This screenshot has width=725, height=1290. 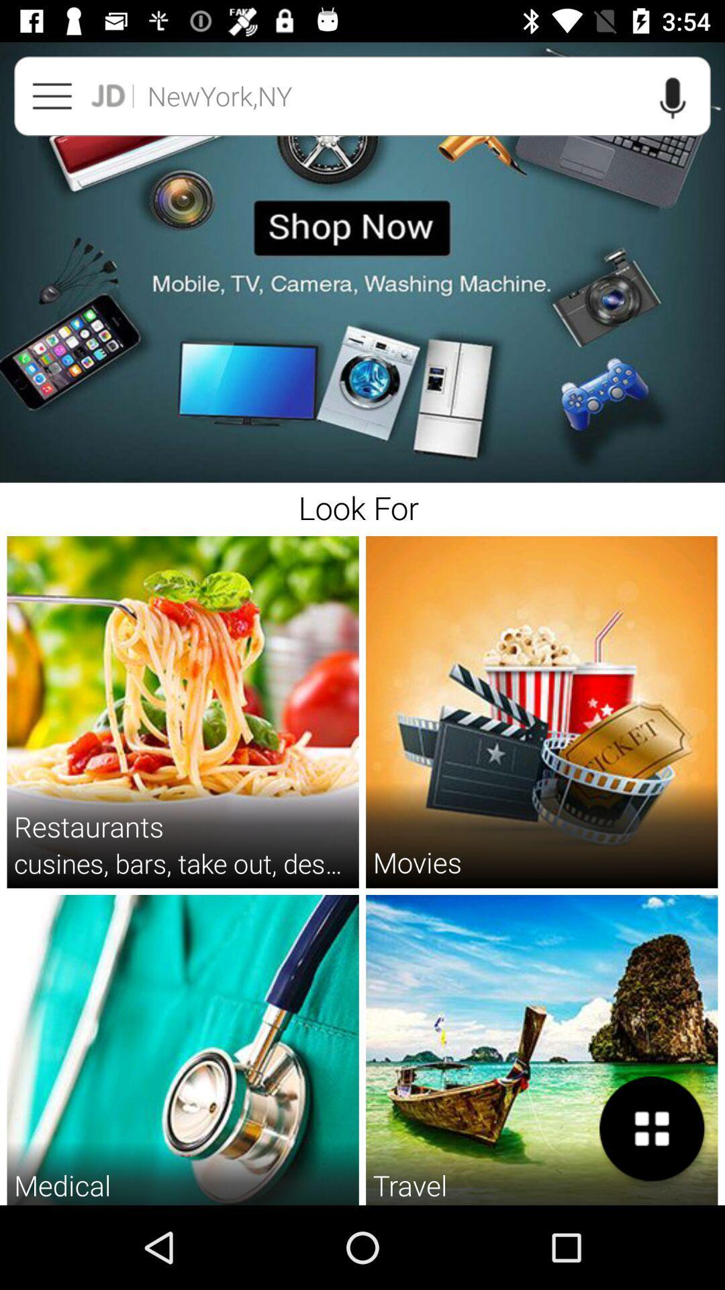 I want to click on icon above look for, so click(x=362, y=263).